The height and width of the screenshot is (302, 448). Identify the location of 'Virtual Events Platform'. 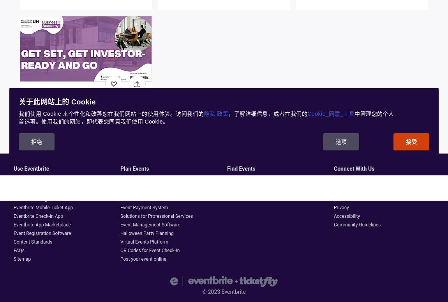
(144, 242).